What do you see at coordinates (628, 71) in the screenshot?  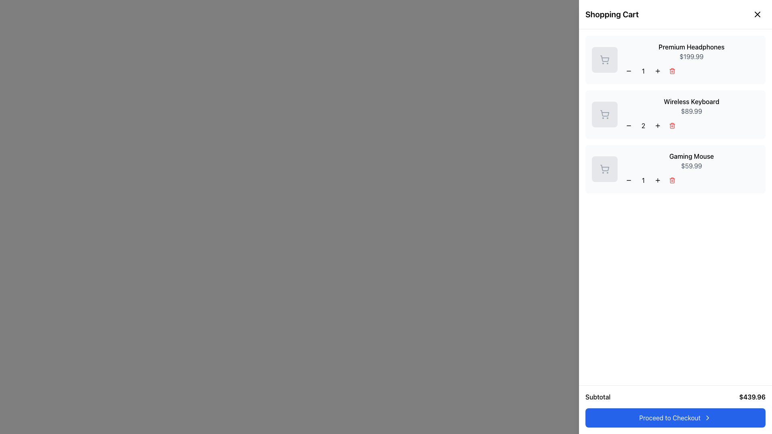 I see `the circular decrement button displaying a minus symbol, located to the left of the quantity '1' in the top product entry of the shopping cart` at bounding box center [628, 71].